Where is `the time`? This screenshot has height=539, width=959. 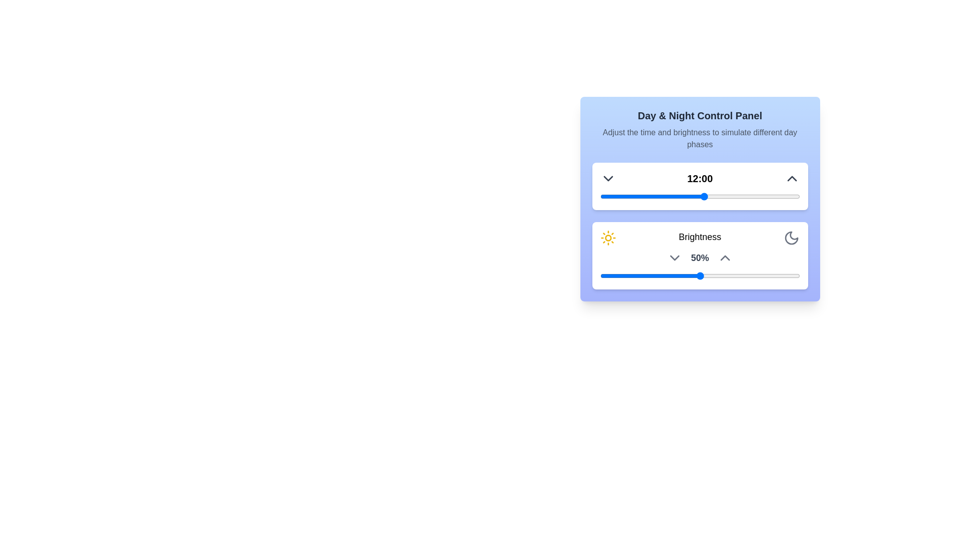
the time is located at coordinates (739, 196).